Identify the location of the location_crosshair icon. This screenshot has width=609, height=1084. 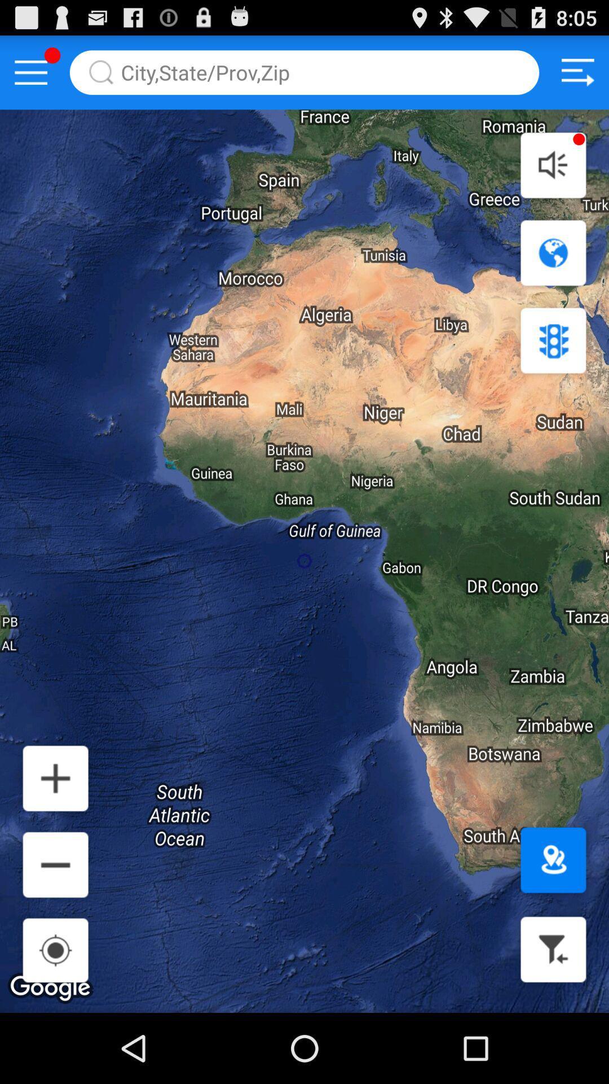
(55, 1017).